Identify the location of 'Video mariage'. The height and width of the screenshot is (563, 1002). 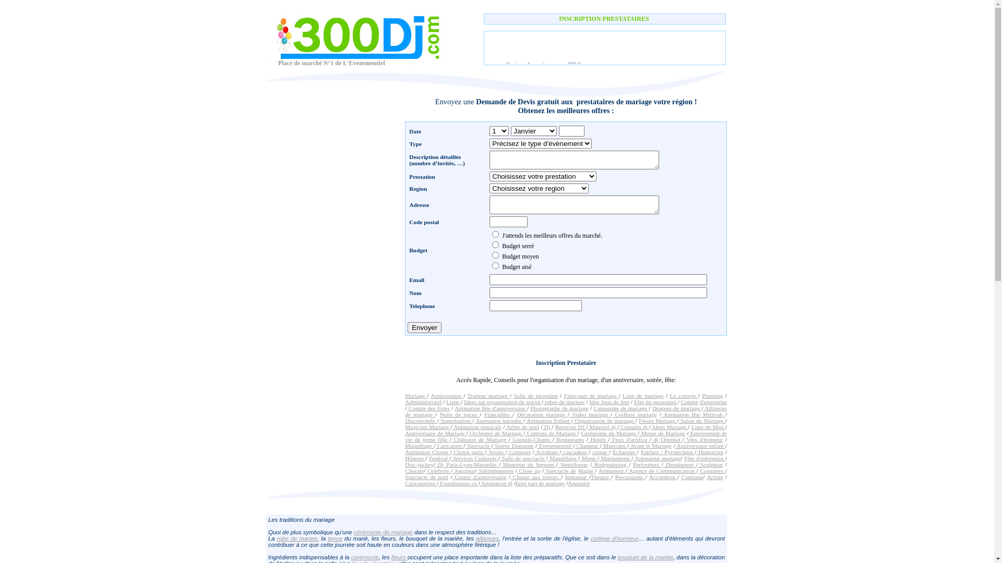
(590, 413).